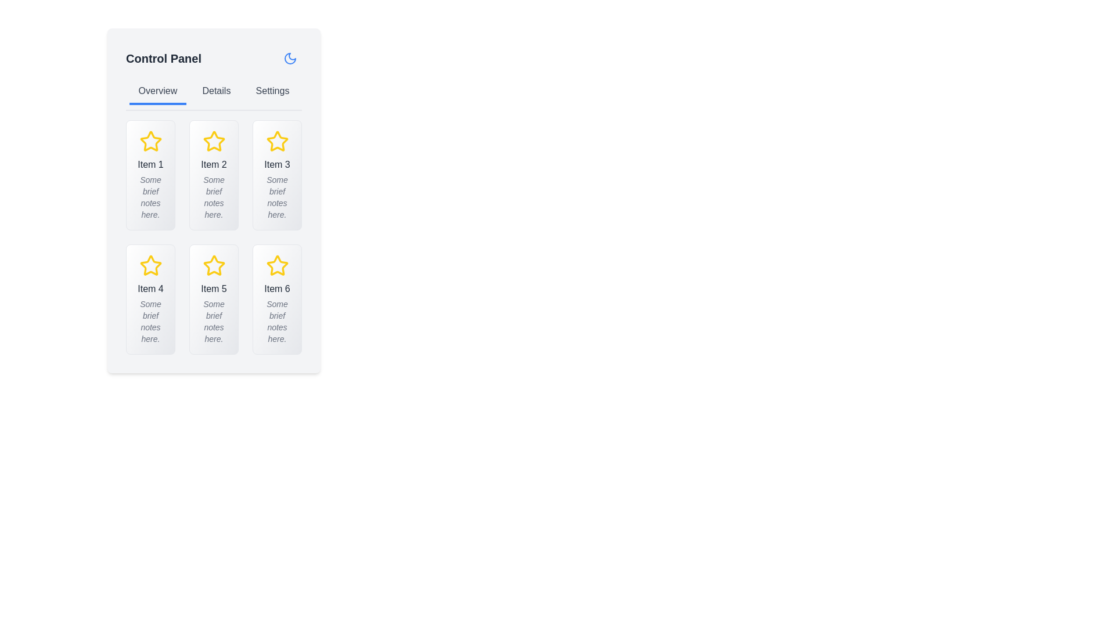 The height and width of the screenshot is (627, 1115). Describe the element at coordinates (276, 322) in the screenshot. I see `text label located under the 'Item 6' card in the grid layout, which provides additional information related to 'Item 6'` at that location.